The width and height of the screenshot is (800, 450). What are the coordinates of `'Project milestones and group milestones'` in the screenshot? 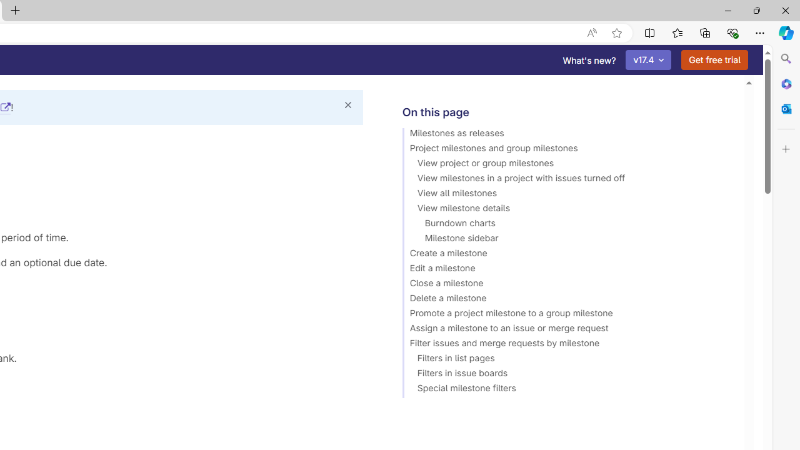 It's located at (567, 149).